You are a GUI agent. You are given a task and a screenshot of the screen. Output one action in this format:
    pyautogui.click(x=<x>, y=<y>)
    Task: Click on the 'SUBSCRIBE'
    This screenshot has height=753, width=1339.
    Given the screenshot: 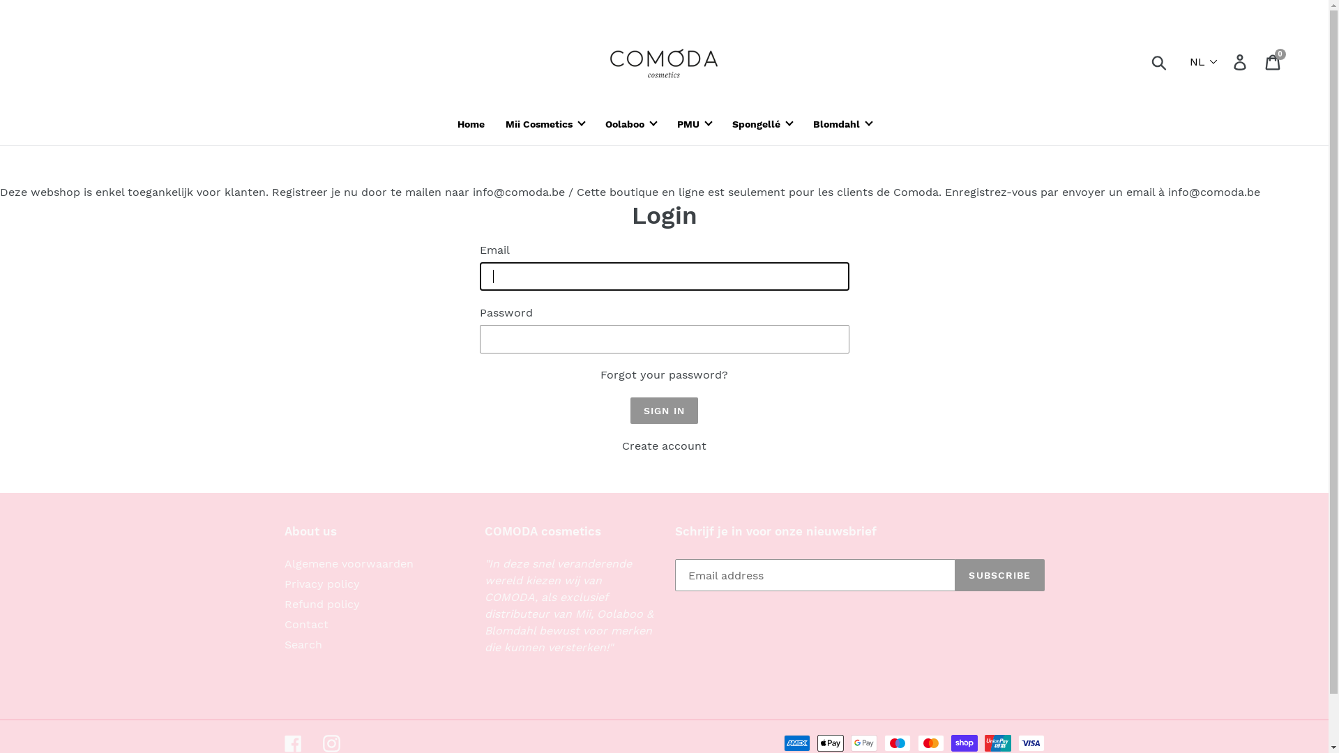 What is the action you would take?
    pyautogui.click(x=999, y=575)
    